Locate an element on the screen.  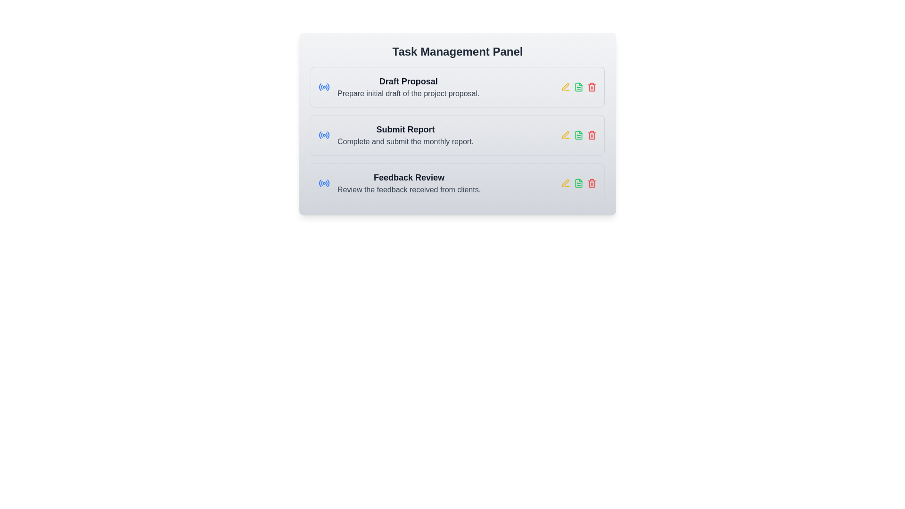
the broadcasting icon located immediately to the left of the 'Feedback Review' text block is located at coordinates (324, 183).